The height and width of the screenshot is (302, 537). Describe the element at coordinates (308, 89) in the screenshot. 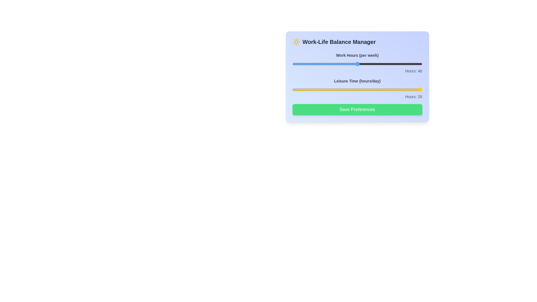

I see `the 'Leisure Time' slider to set leisure hours to 3` at that location.